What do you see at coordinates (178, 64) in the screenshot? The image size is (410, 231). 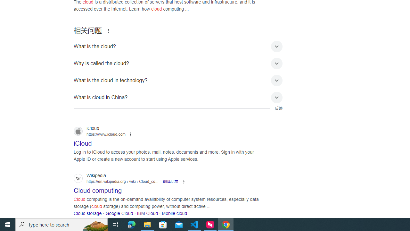 I see `'Why is called the cloud?'` at bounding box center [178, 64].